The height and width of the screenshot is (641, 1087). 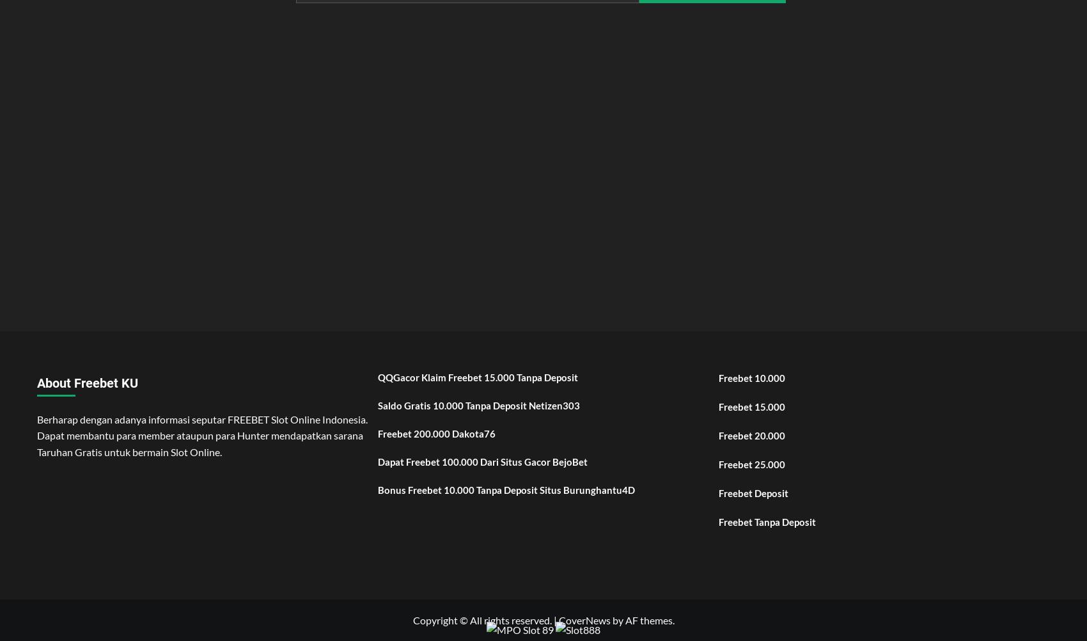 I want to click on 'CoverNews', so click(x=584, y=619).